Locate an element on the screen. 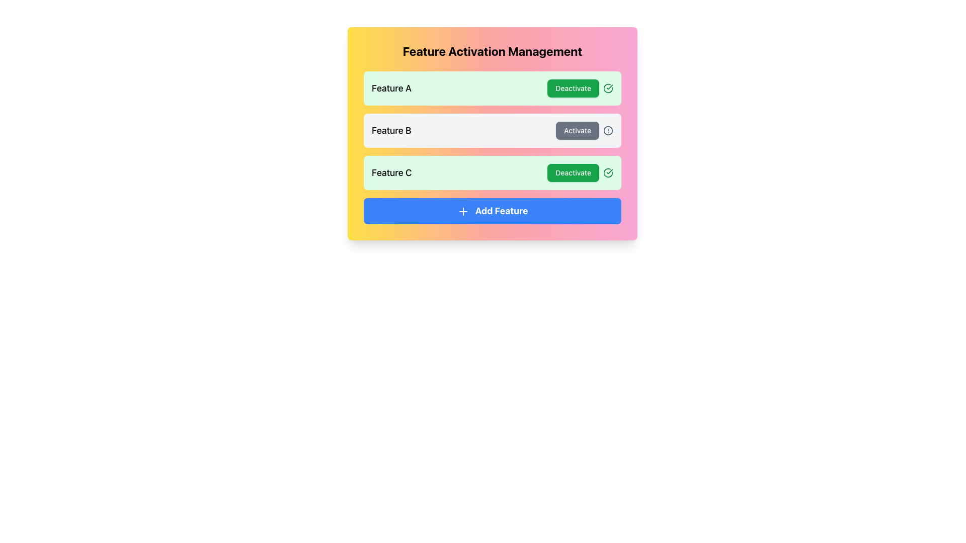  the 'Activate' button in the Card row section displaying 'Feature B' is located at coordinates (493, 133).